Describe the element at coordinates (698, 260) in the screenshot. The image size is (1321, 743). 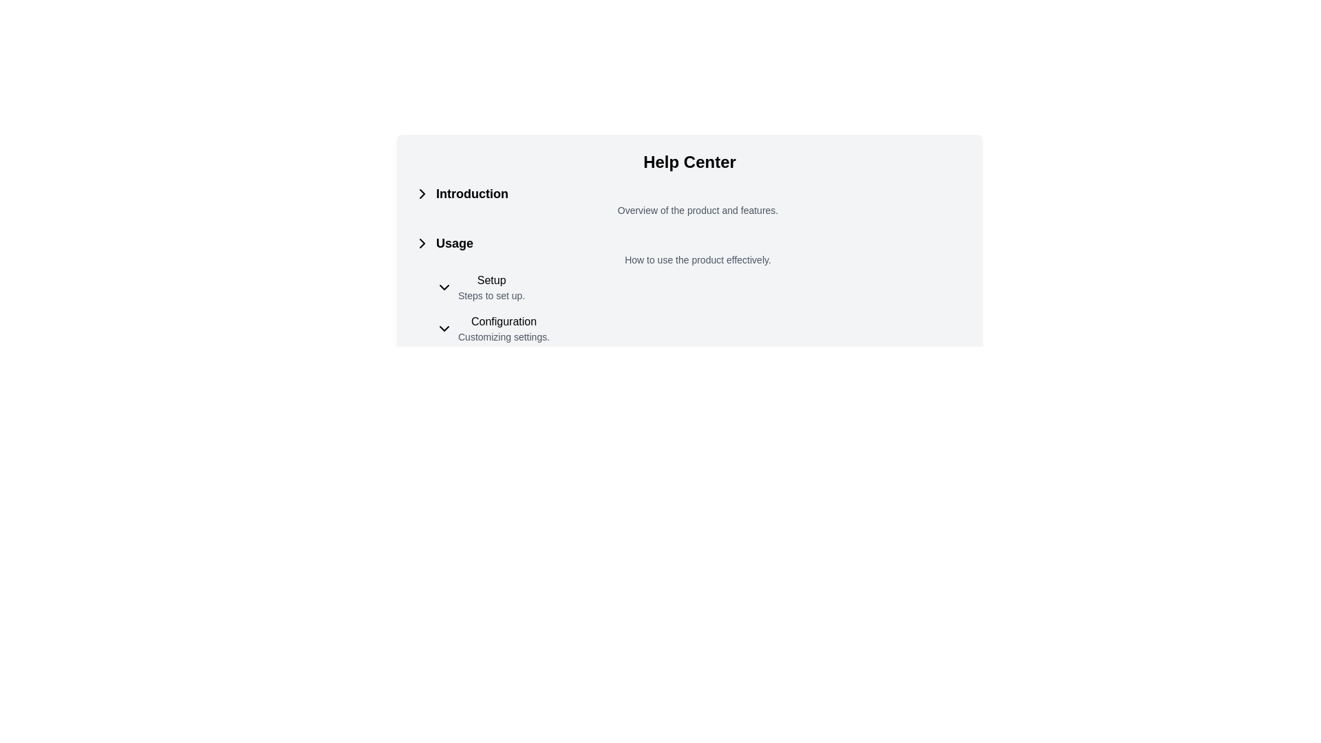
I see `the text label reading 'How to use the product effectively,' which is located directly below the 'Usage' header in the product guidance section` at that location.